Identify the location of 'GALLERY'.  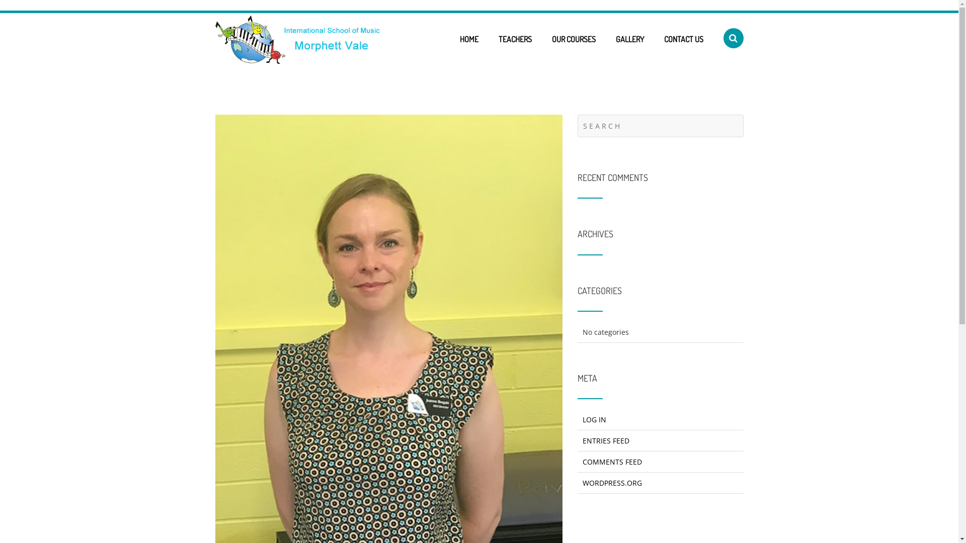
(629, 38).